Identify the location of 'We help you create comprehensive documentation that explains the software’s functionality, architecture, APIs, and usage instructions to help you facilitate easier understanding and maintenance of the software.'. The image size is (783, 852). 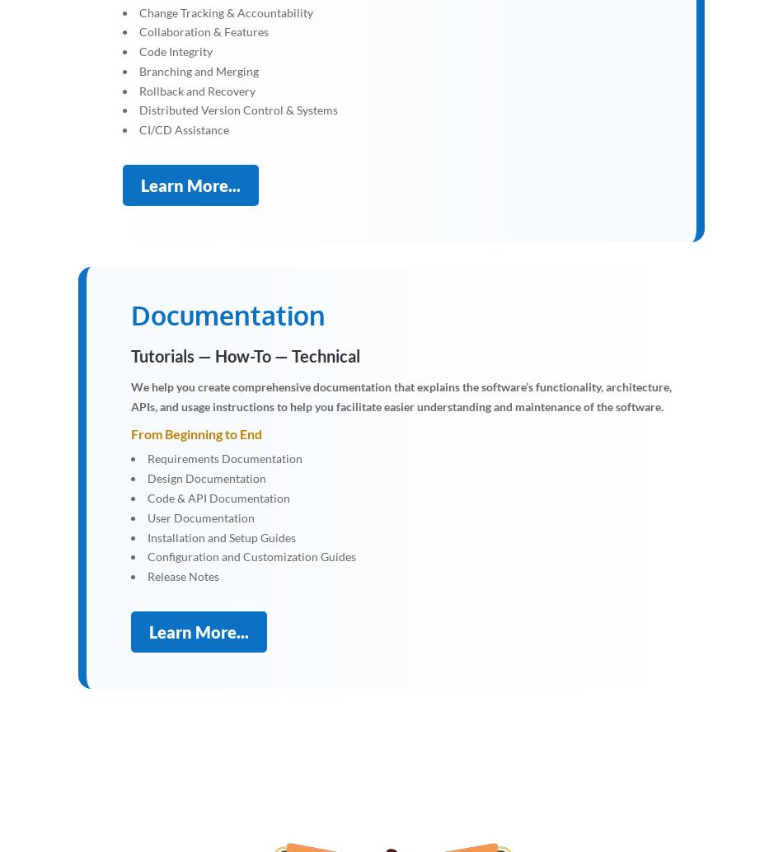
(401, 395).